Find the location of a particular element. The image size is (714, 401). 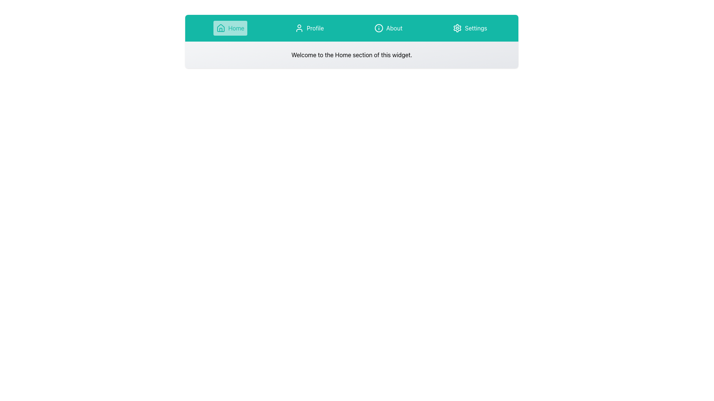

the 'Home' navigation icon is located at coordinates (220, 28).